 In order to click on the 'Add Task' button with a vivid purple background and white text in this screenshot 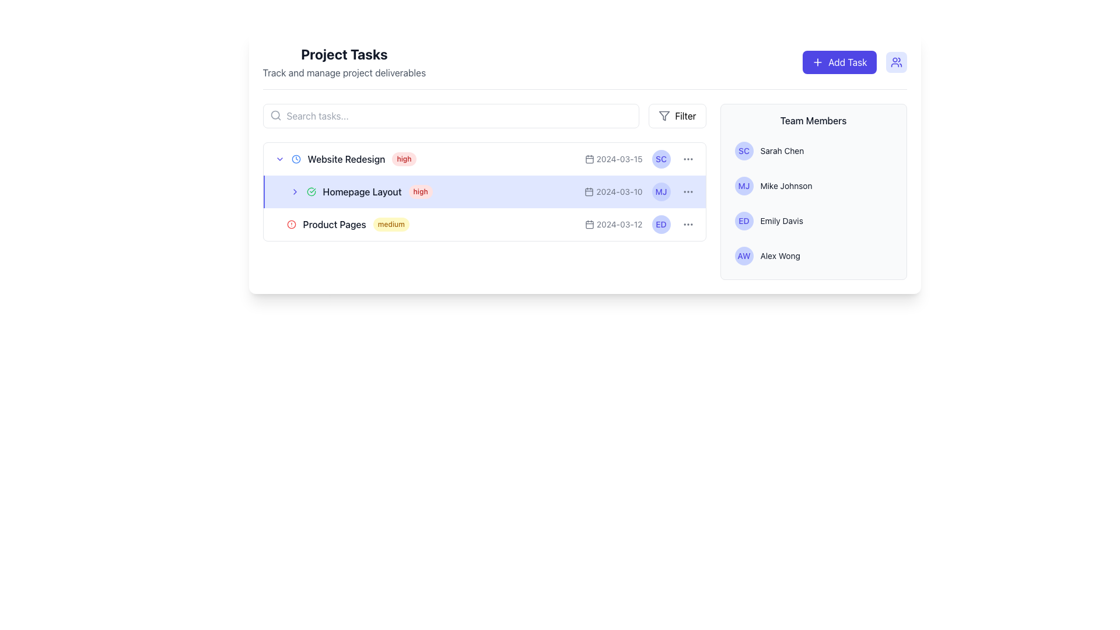, I will do `click(855, 62)`.